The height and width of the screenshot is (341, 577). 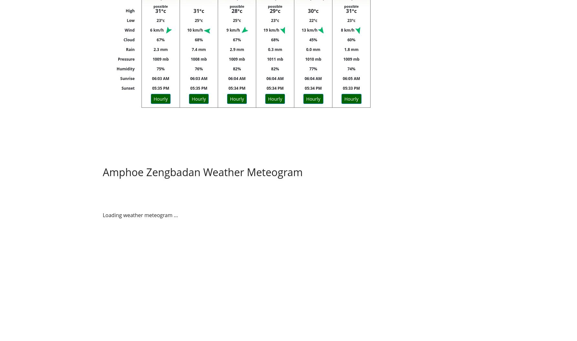 I want to click on '1008 mb', so click(x=198, y=59).